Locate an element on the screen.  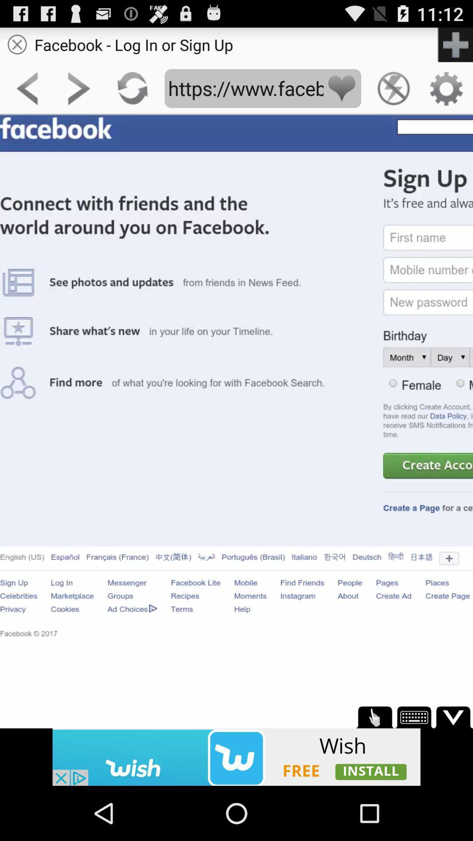
the expand_more icon is located at coordinates (453, 762).